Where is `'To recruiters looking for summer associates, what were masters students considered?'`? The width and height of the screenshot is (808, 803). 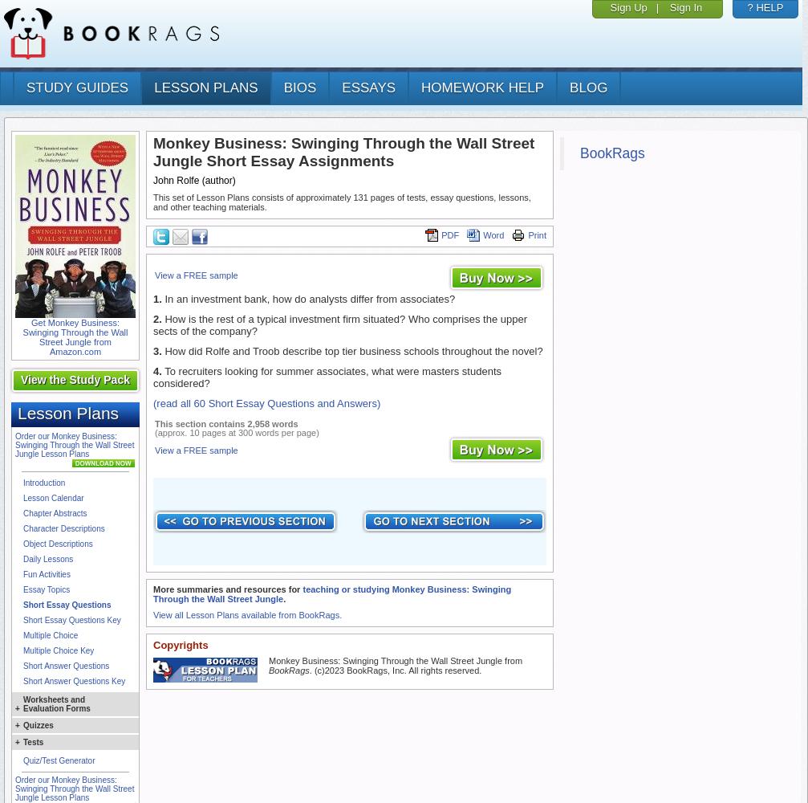 'To recruiters looking for summer associates, what were masters students considered?' is located at coordinates (327, 377).